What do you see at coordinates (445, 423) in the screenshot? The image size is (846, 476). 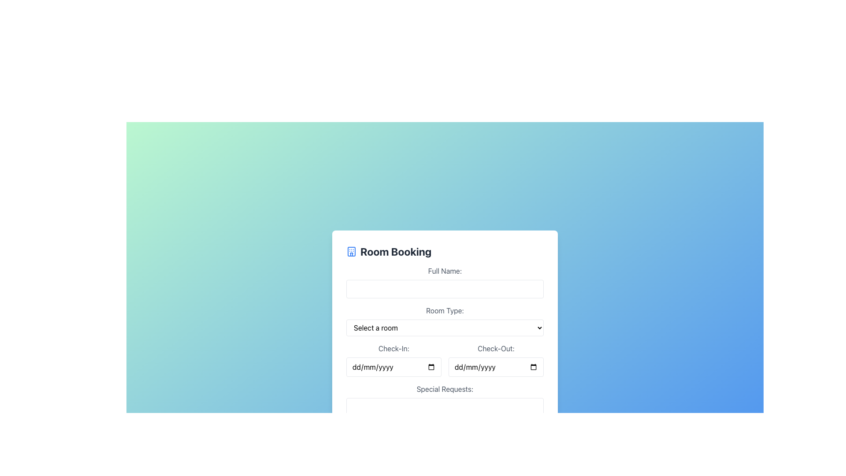 I see `the text in the large rectangular input area for additional information located near the bottom of the form, directly beneath the 'Special Requests:' label` at bounding box center [445, 423].